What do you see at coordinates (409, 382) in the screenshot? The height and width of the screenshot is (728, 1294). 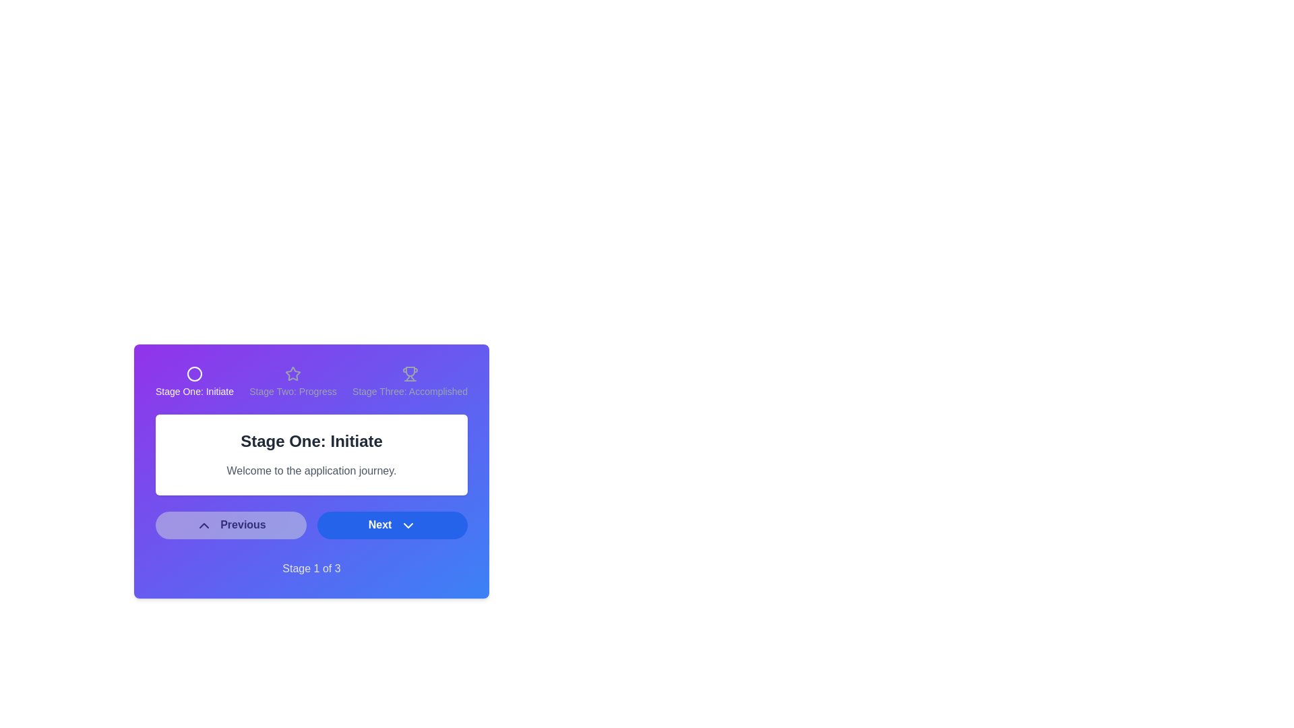 I see `the trophy icon above the text 'Stage Three: Accomplished' in the top-right section of the interface as an indicator` at bounding box center [409, 382].